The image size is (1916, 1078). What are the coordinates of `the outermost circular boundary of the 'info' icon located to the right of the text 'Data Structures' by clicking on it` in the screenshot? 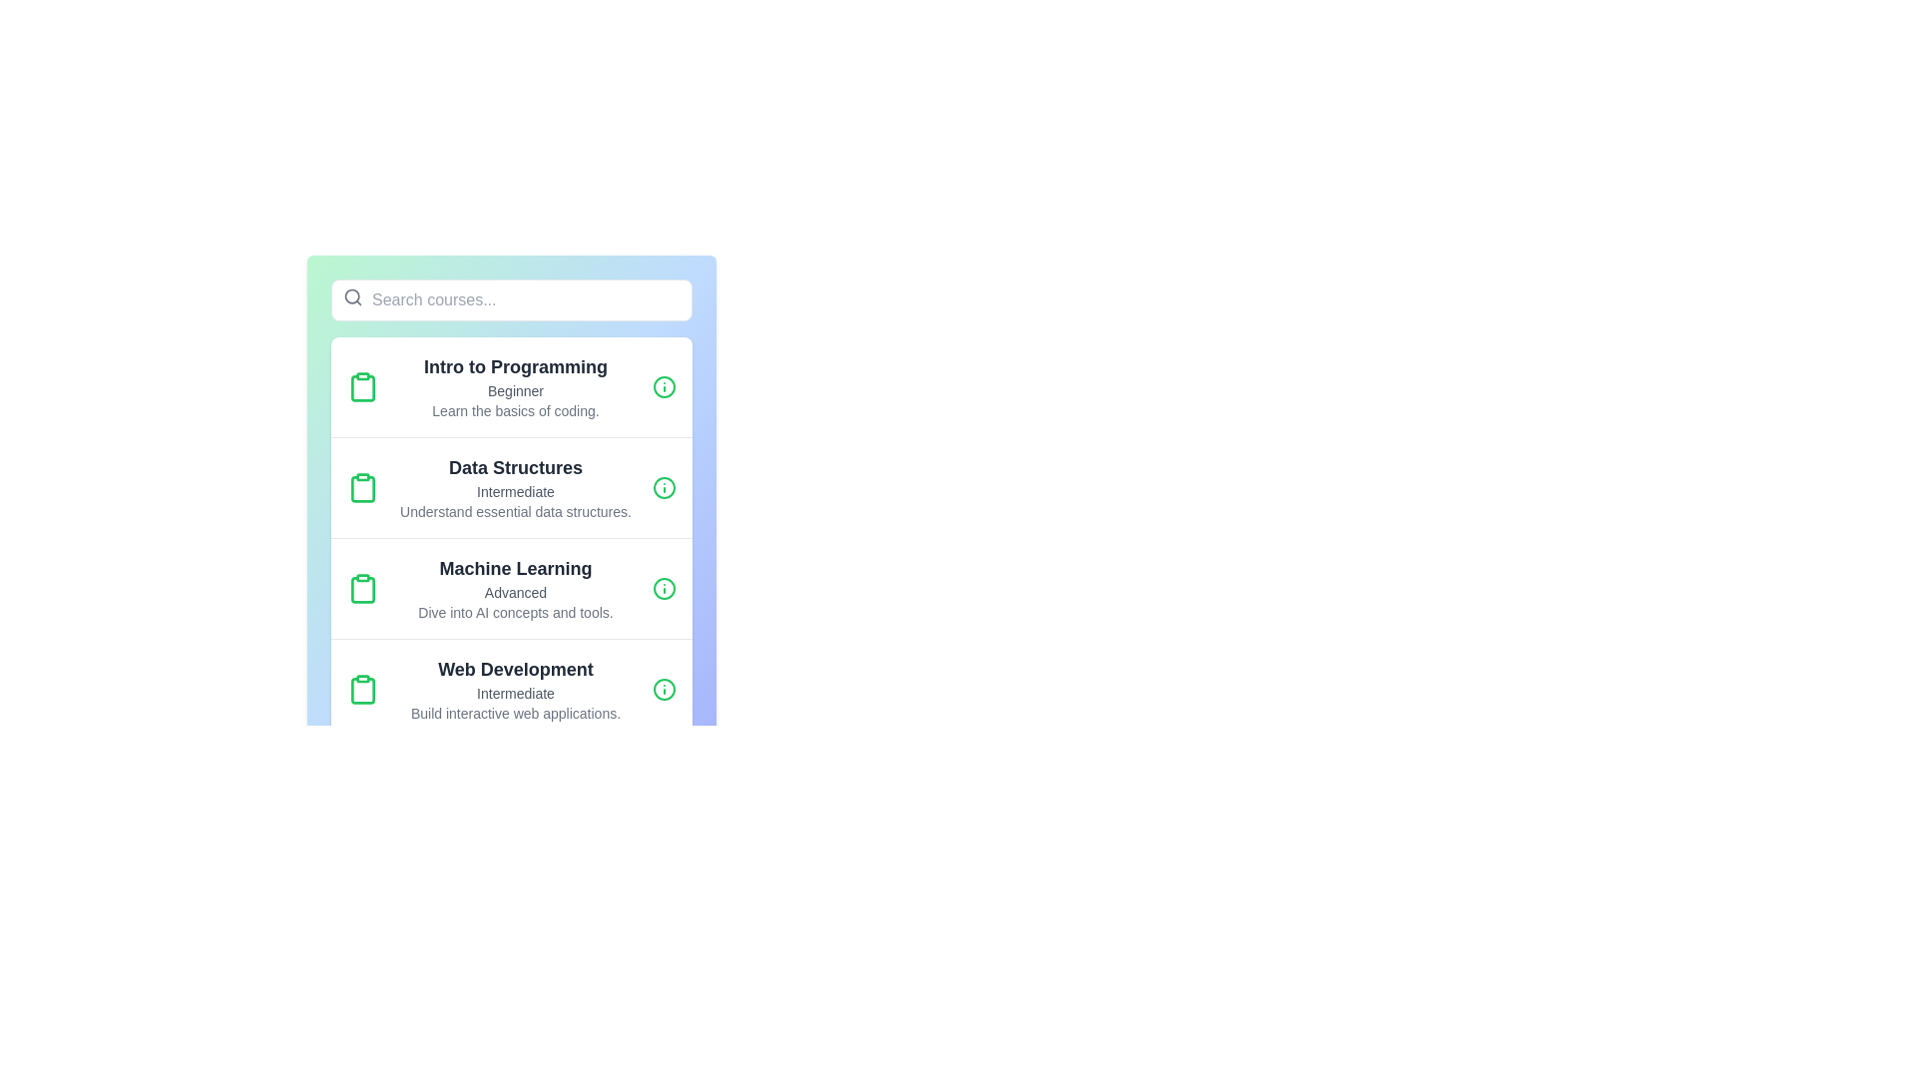 It's located at (665, 488).